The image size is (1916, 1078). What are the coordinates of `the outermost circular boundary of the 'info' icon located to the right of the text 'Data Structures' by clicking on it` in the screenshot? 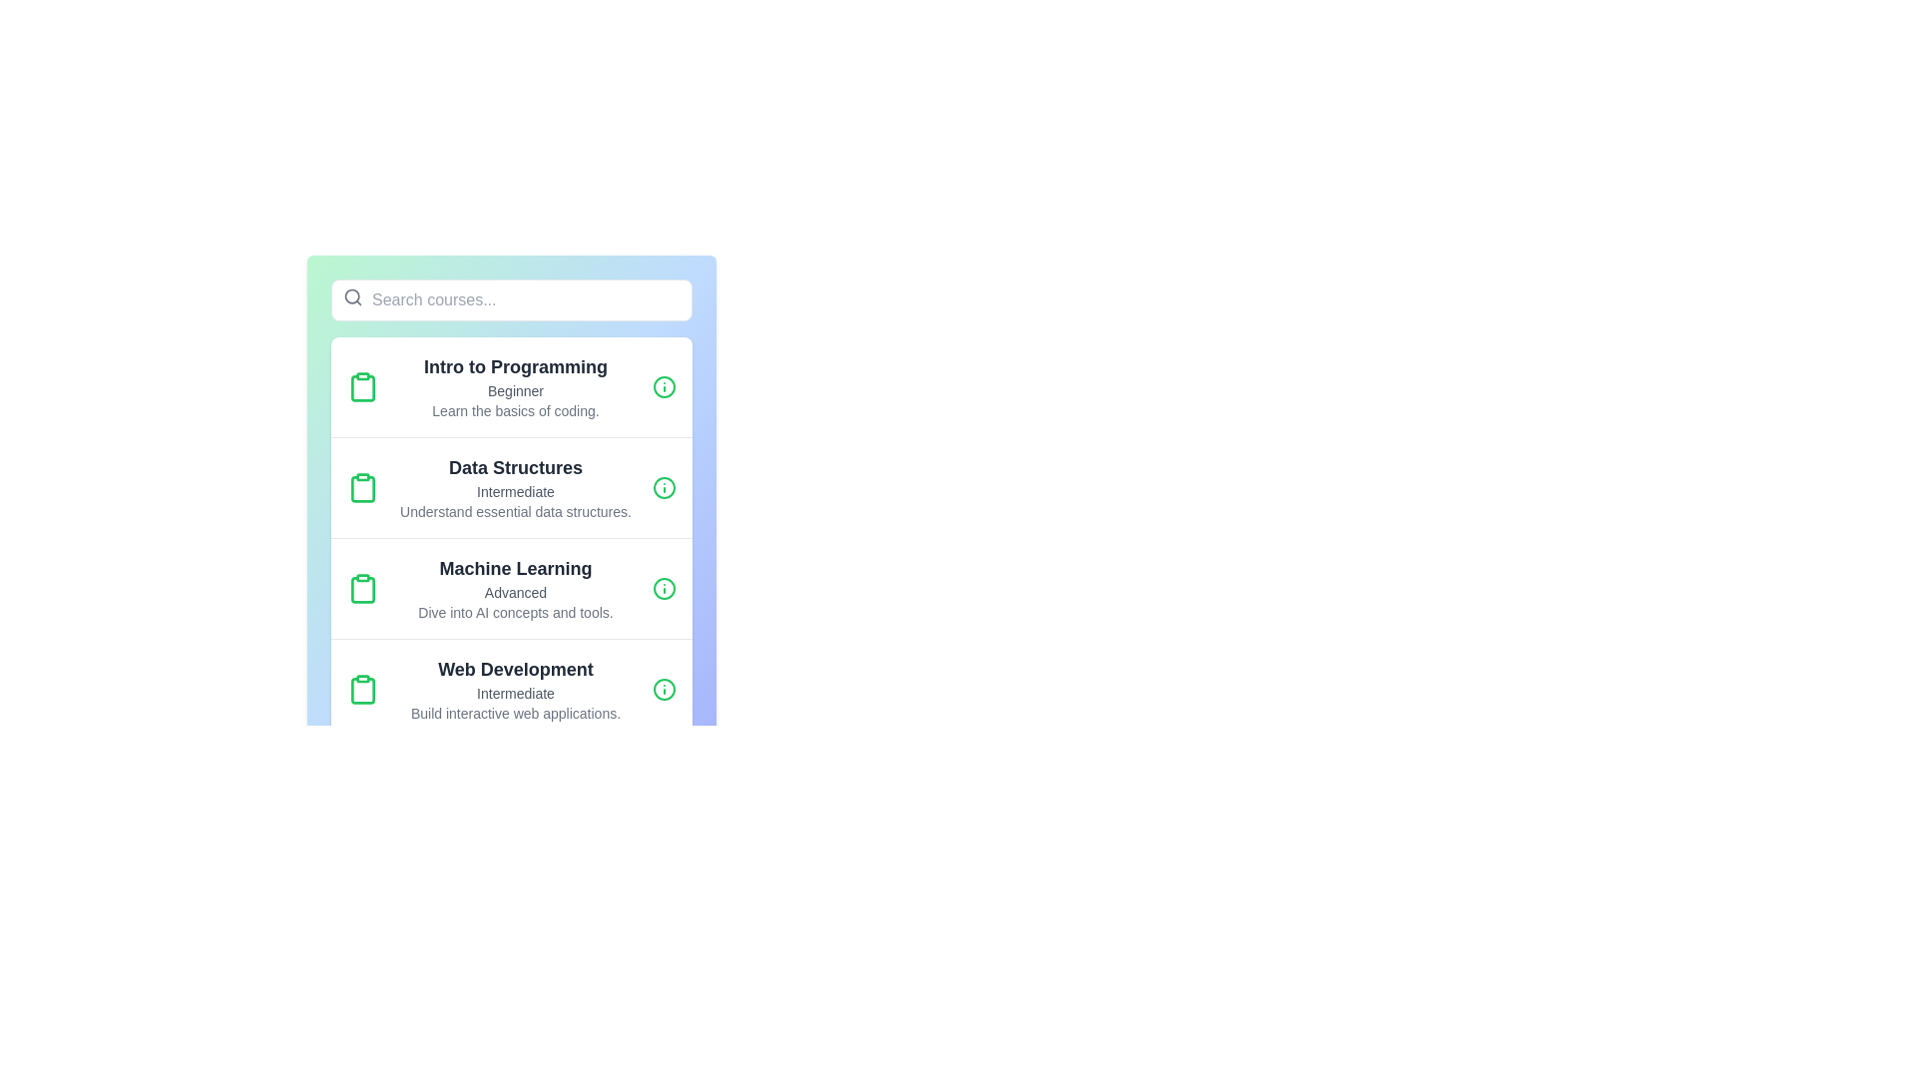 It's located at (665, 488).